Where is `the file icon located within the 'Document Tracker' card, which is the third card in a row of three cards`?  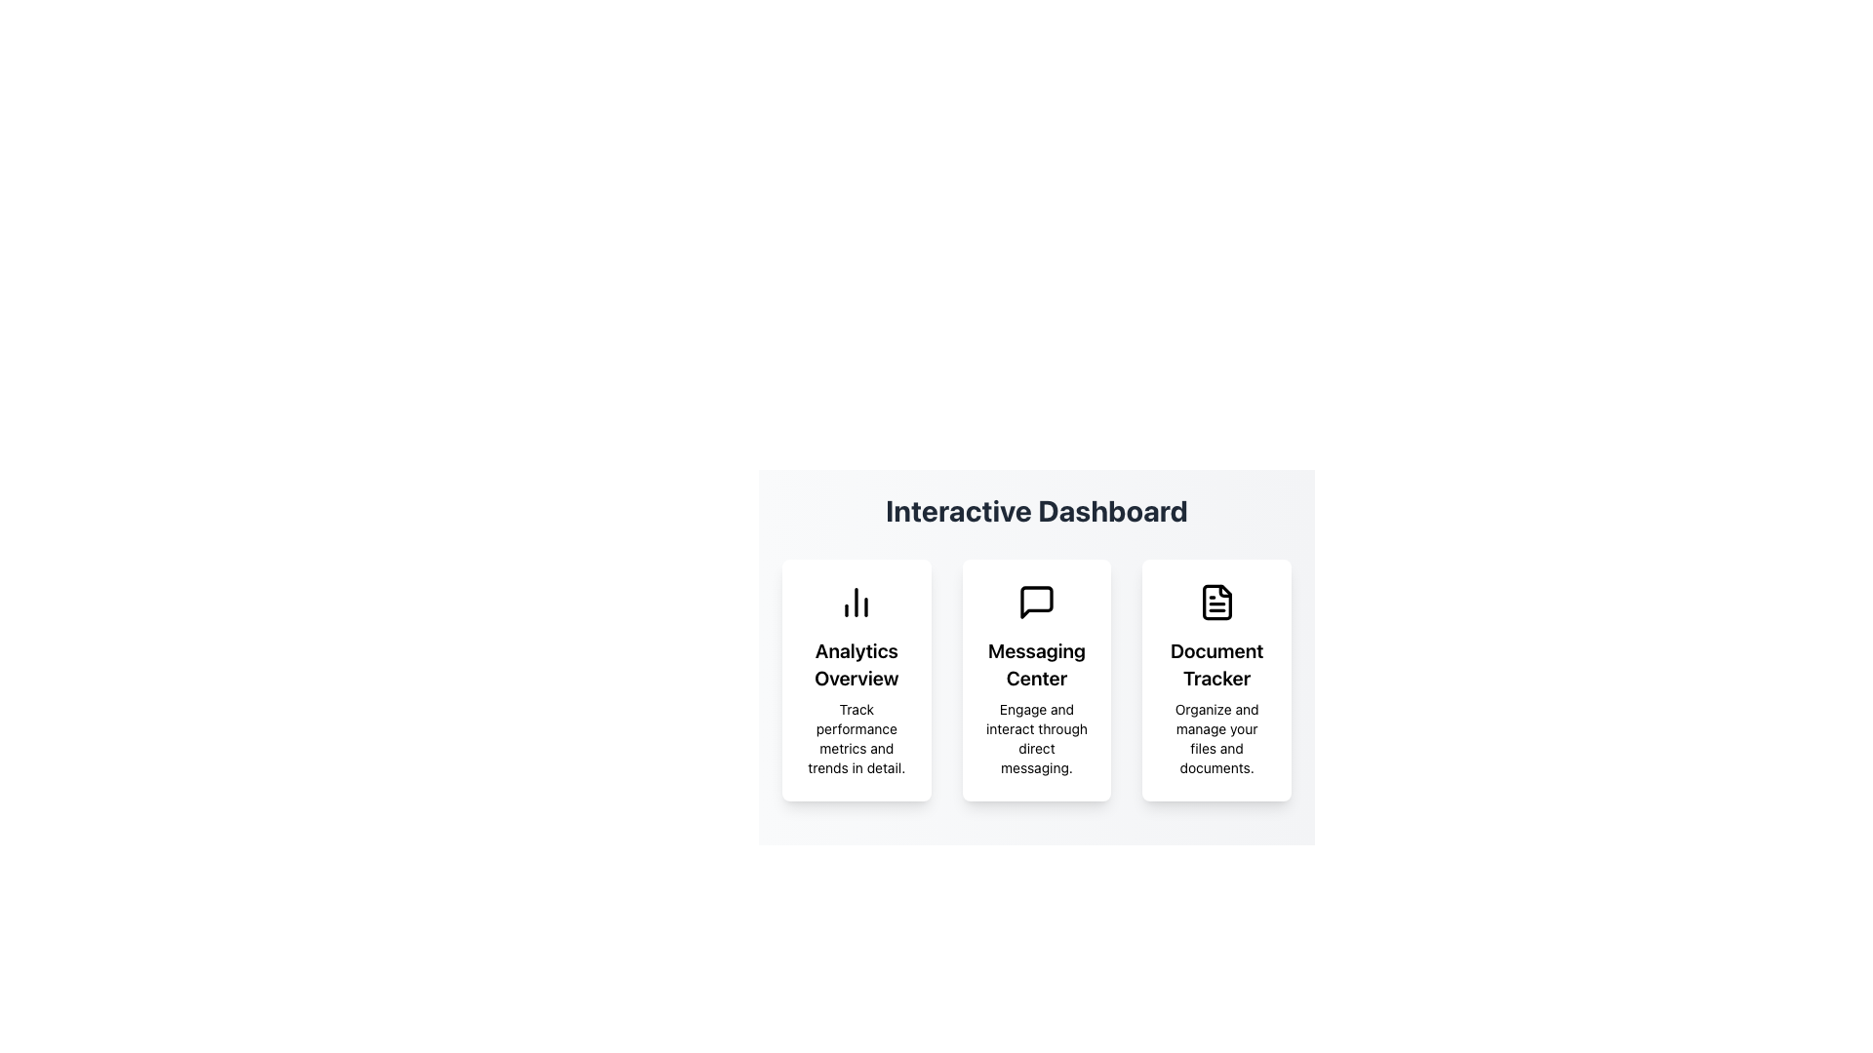 the file icon located within the 'Document Tracker' card, which is the third card in a row of three cards is located at coordinates (1215, 601).